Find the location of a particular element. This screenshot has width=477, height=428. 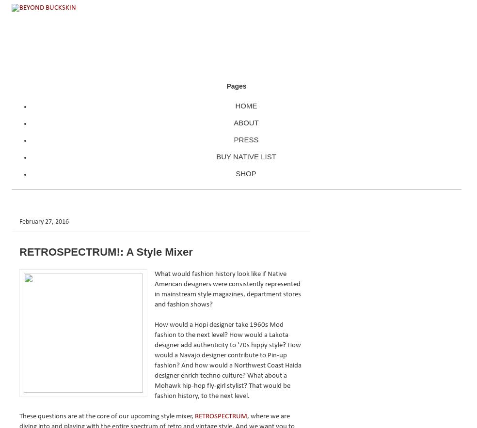

'BUY NATIVE LIST' is located at coordinates (245, 156).